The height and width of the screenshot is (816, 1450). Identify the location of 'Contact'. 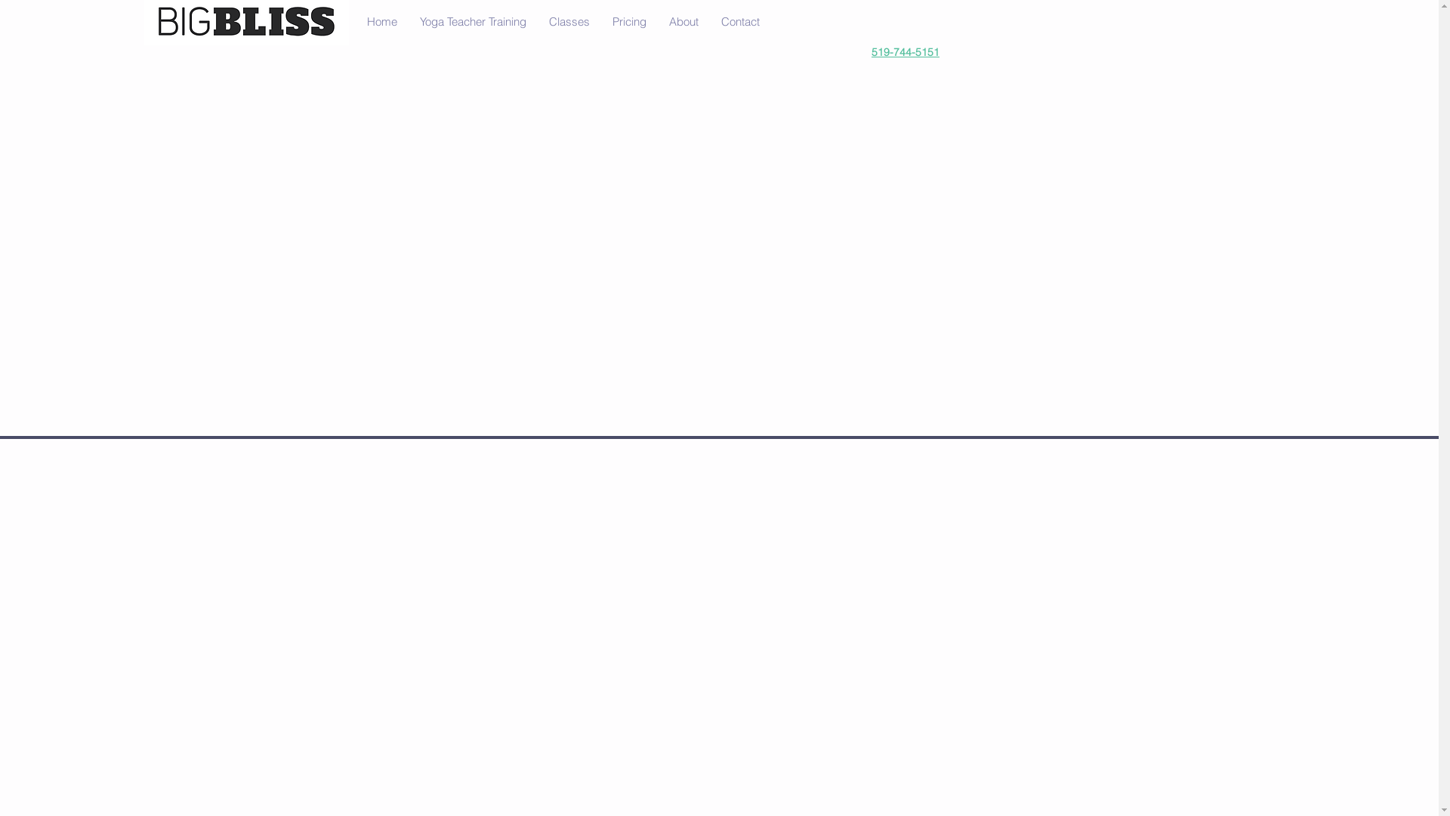
(740, 22).